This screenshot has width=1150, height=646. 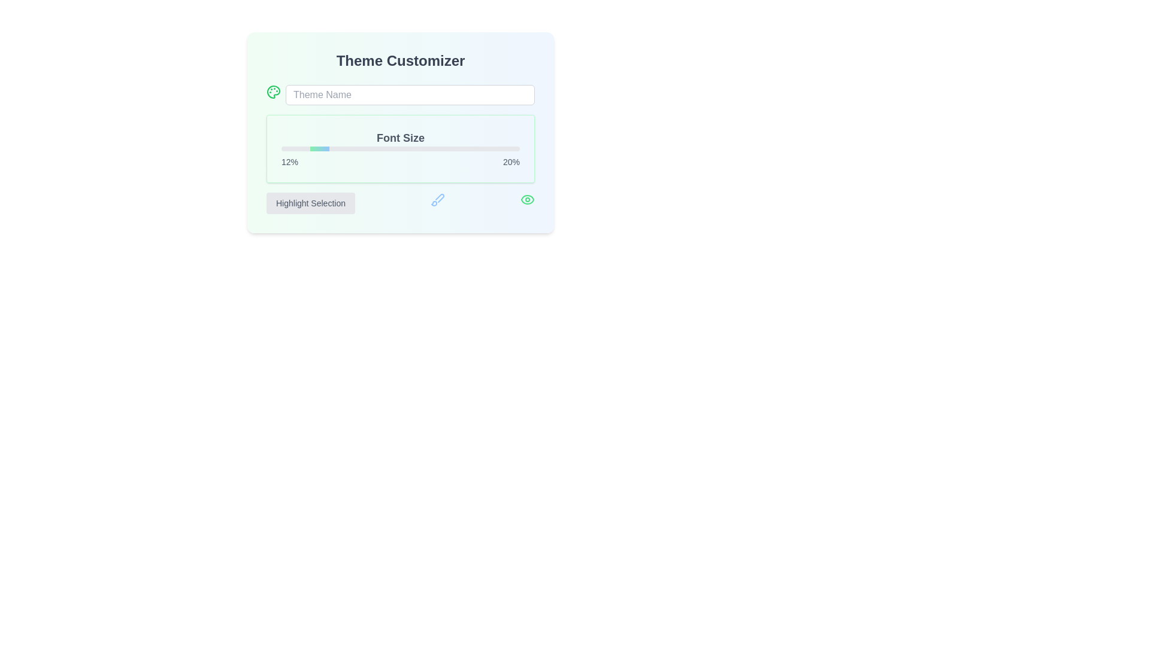 I want to click on the font size, so click(x=396, y=148).